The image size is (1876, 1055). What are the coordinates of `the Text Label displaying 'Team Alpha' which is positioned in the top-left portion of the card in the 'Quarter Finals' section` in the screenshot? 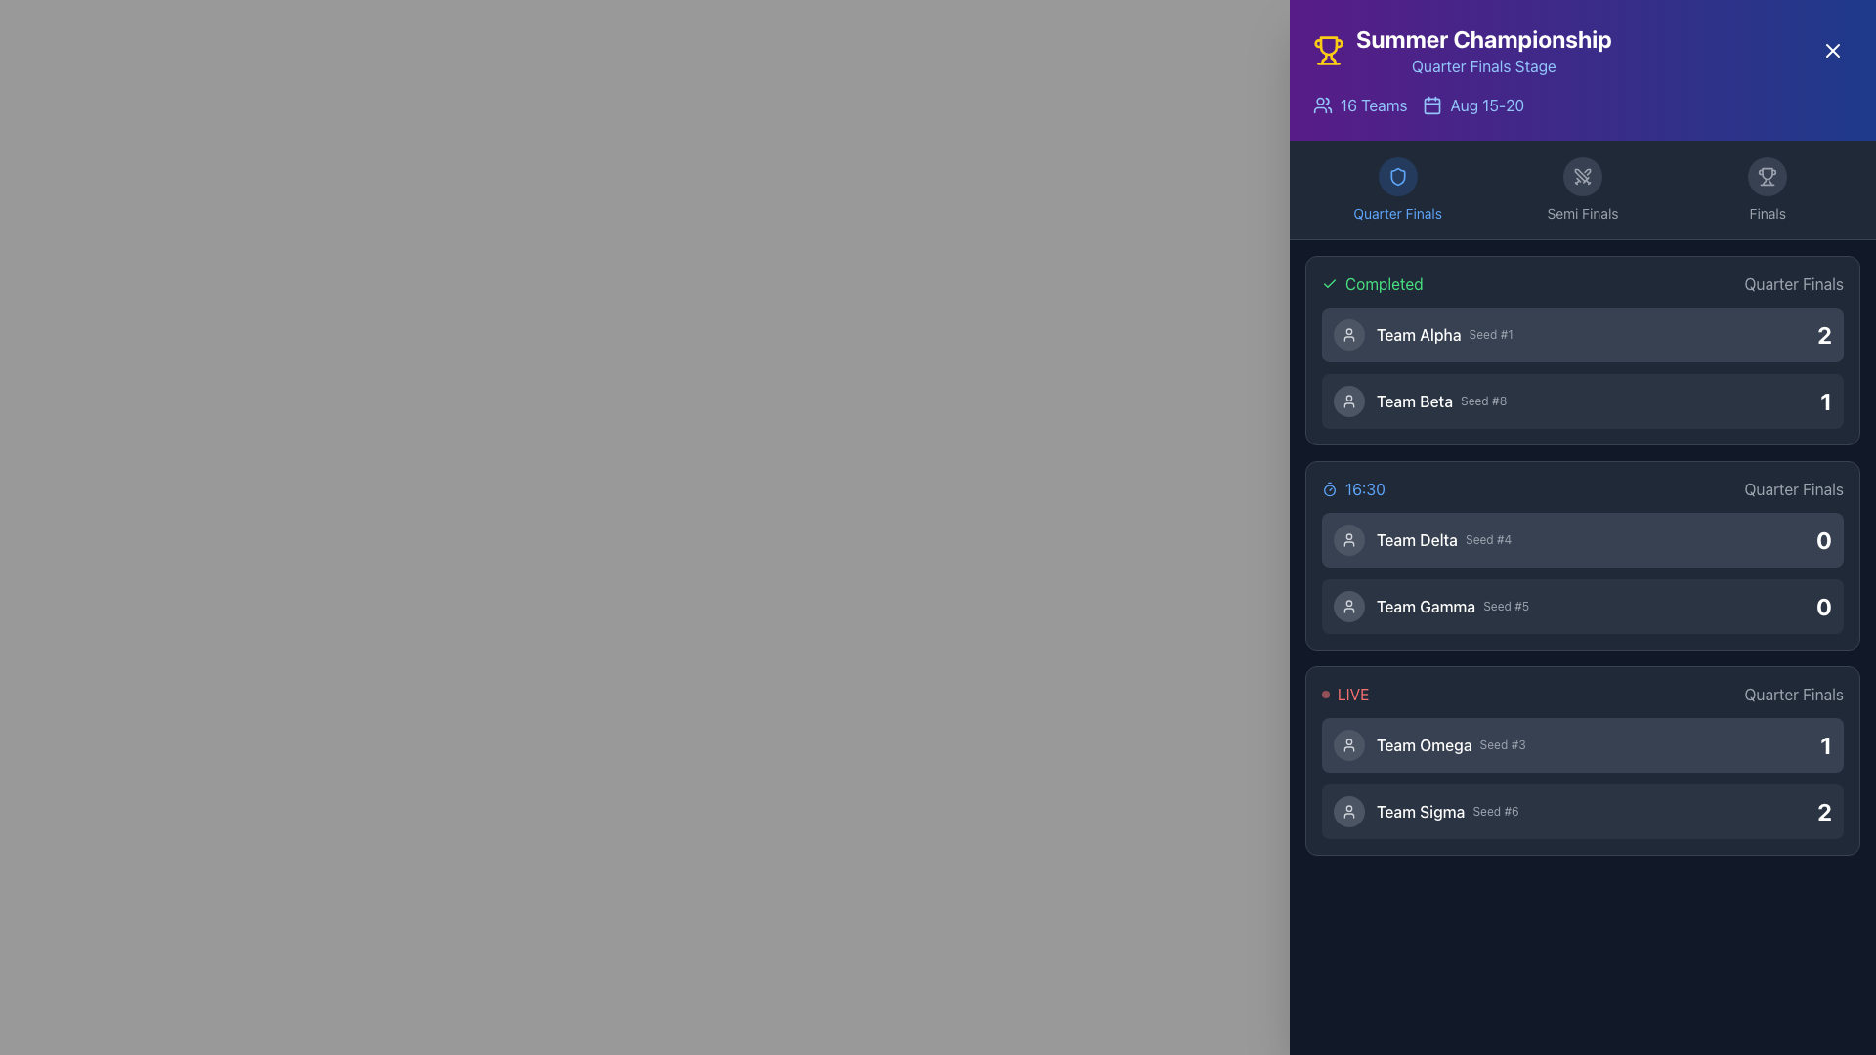 It's located at (1419, 334).